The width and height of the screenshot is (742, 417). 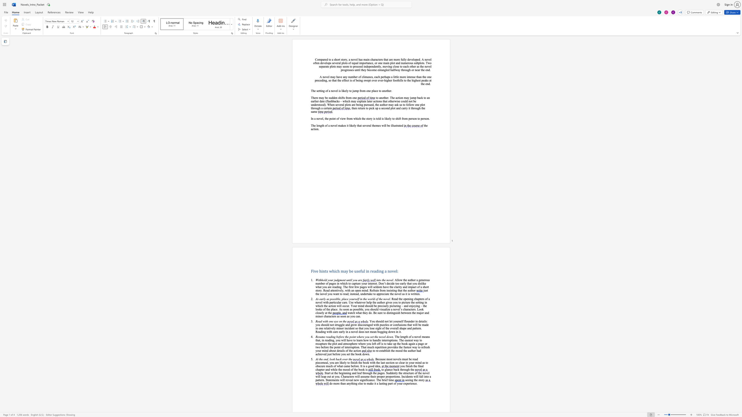 What do you see at coordinates (315, 129) in the screenshot?
I see `the space between the continuous character "i" and "o" in the text` at bounding box center [315, 129].